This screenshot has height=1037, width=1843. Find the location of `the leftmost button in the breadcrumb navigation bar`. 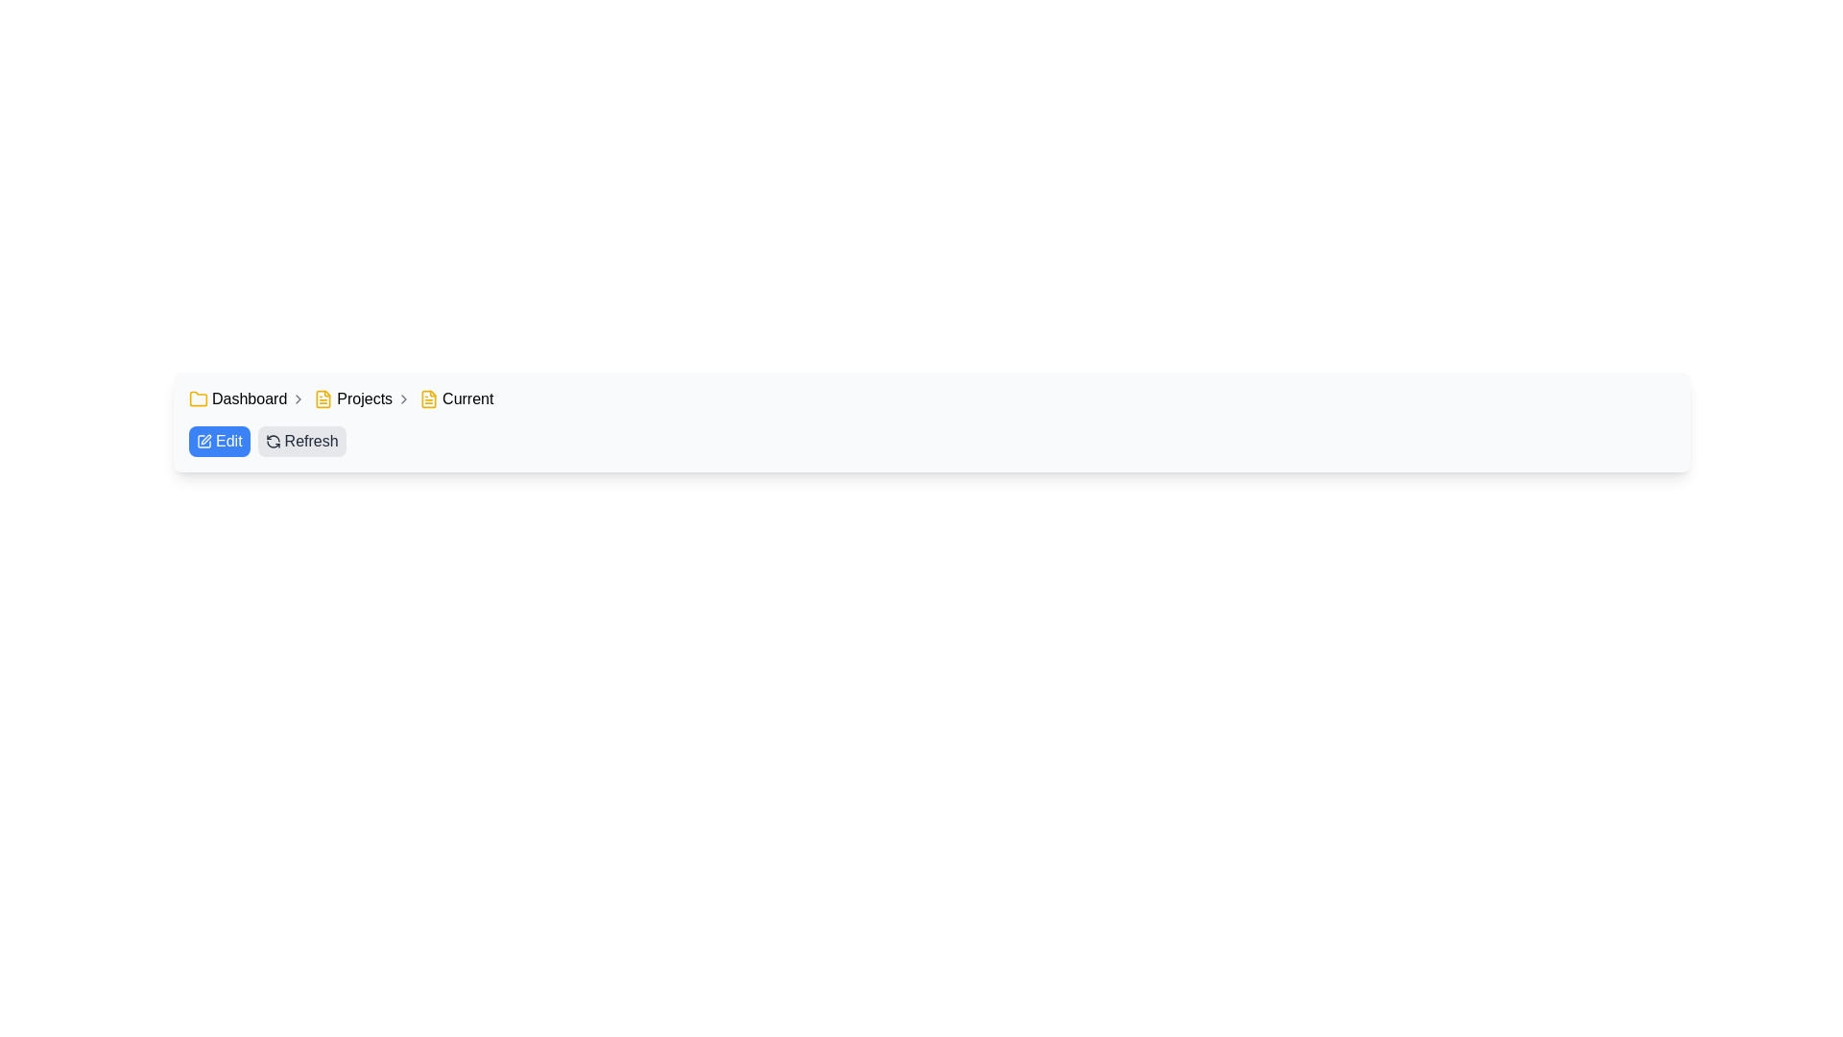

the leftmost button in the breadcrumb navigation bar is located at coordinates (219, 441).